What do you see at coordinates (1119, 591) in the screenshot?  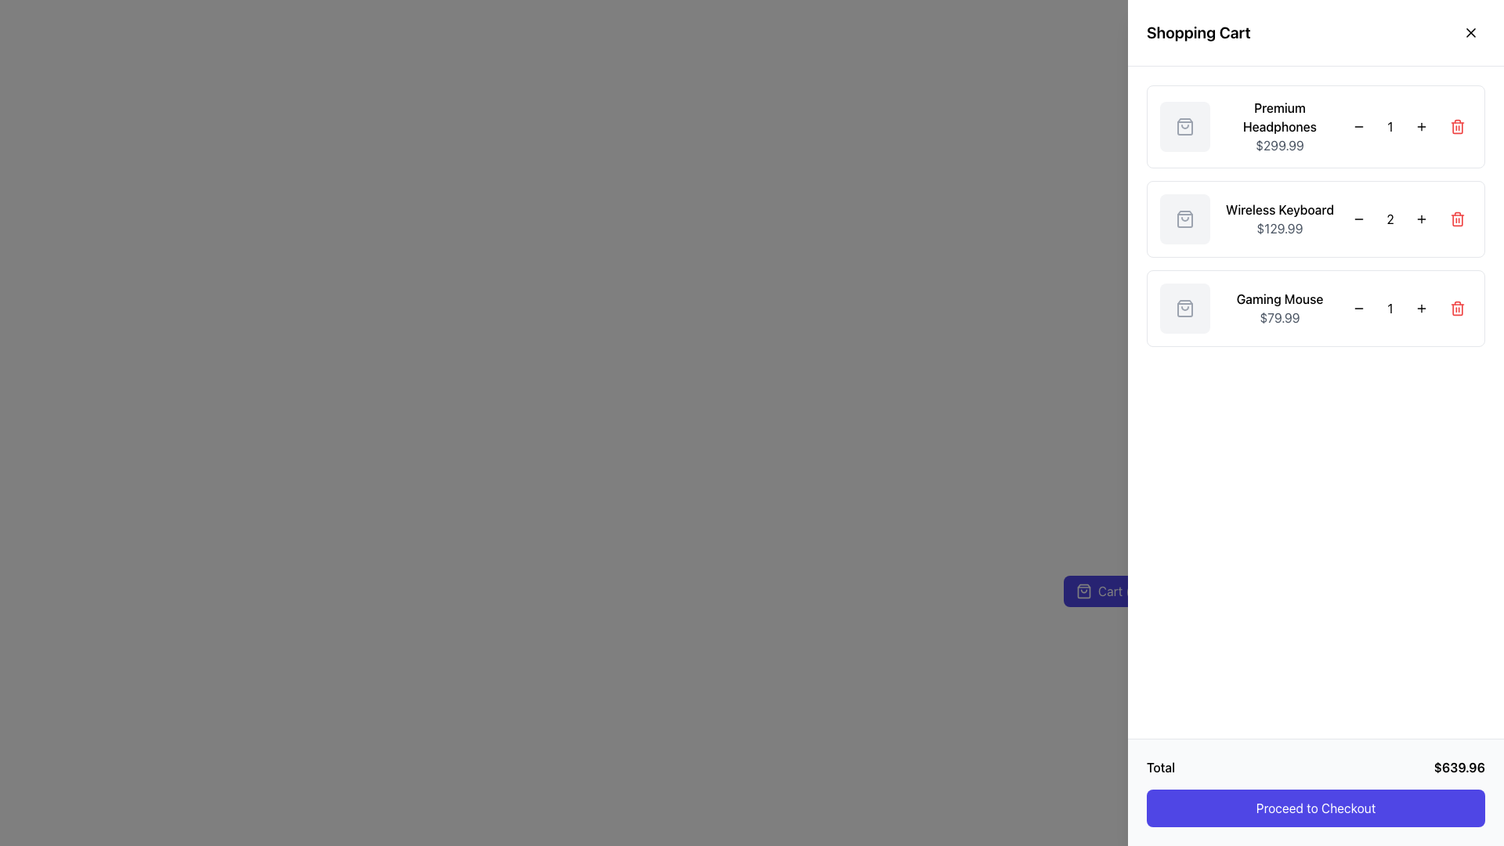 I see `text displayed on the 'Cart (3)' label, which is located in the lower section of the right-hand shopping cart panel, to the right of a shopping bag icon` at bounding box center [1119, 591].